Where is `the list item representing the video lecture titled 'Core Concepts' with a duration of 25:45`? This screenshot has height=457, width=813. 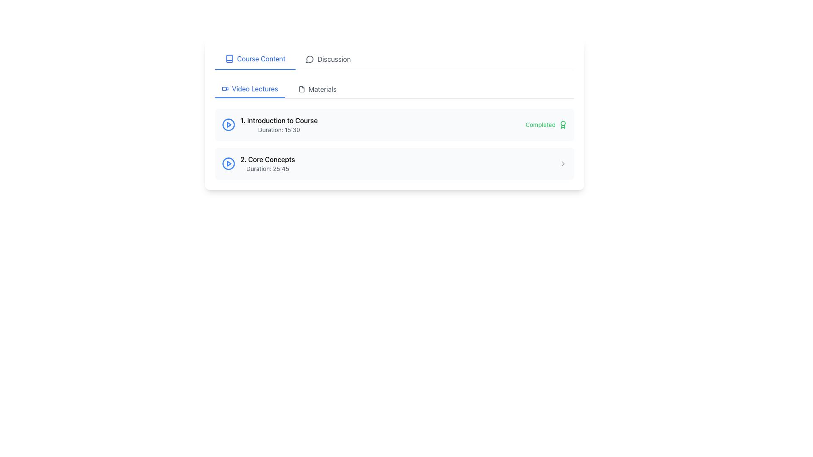 the list item representing the video lecture titled 'Core Concepts' with a duration of 25:45 is located at coordinates (394, 163).